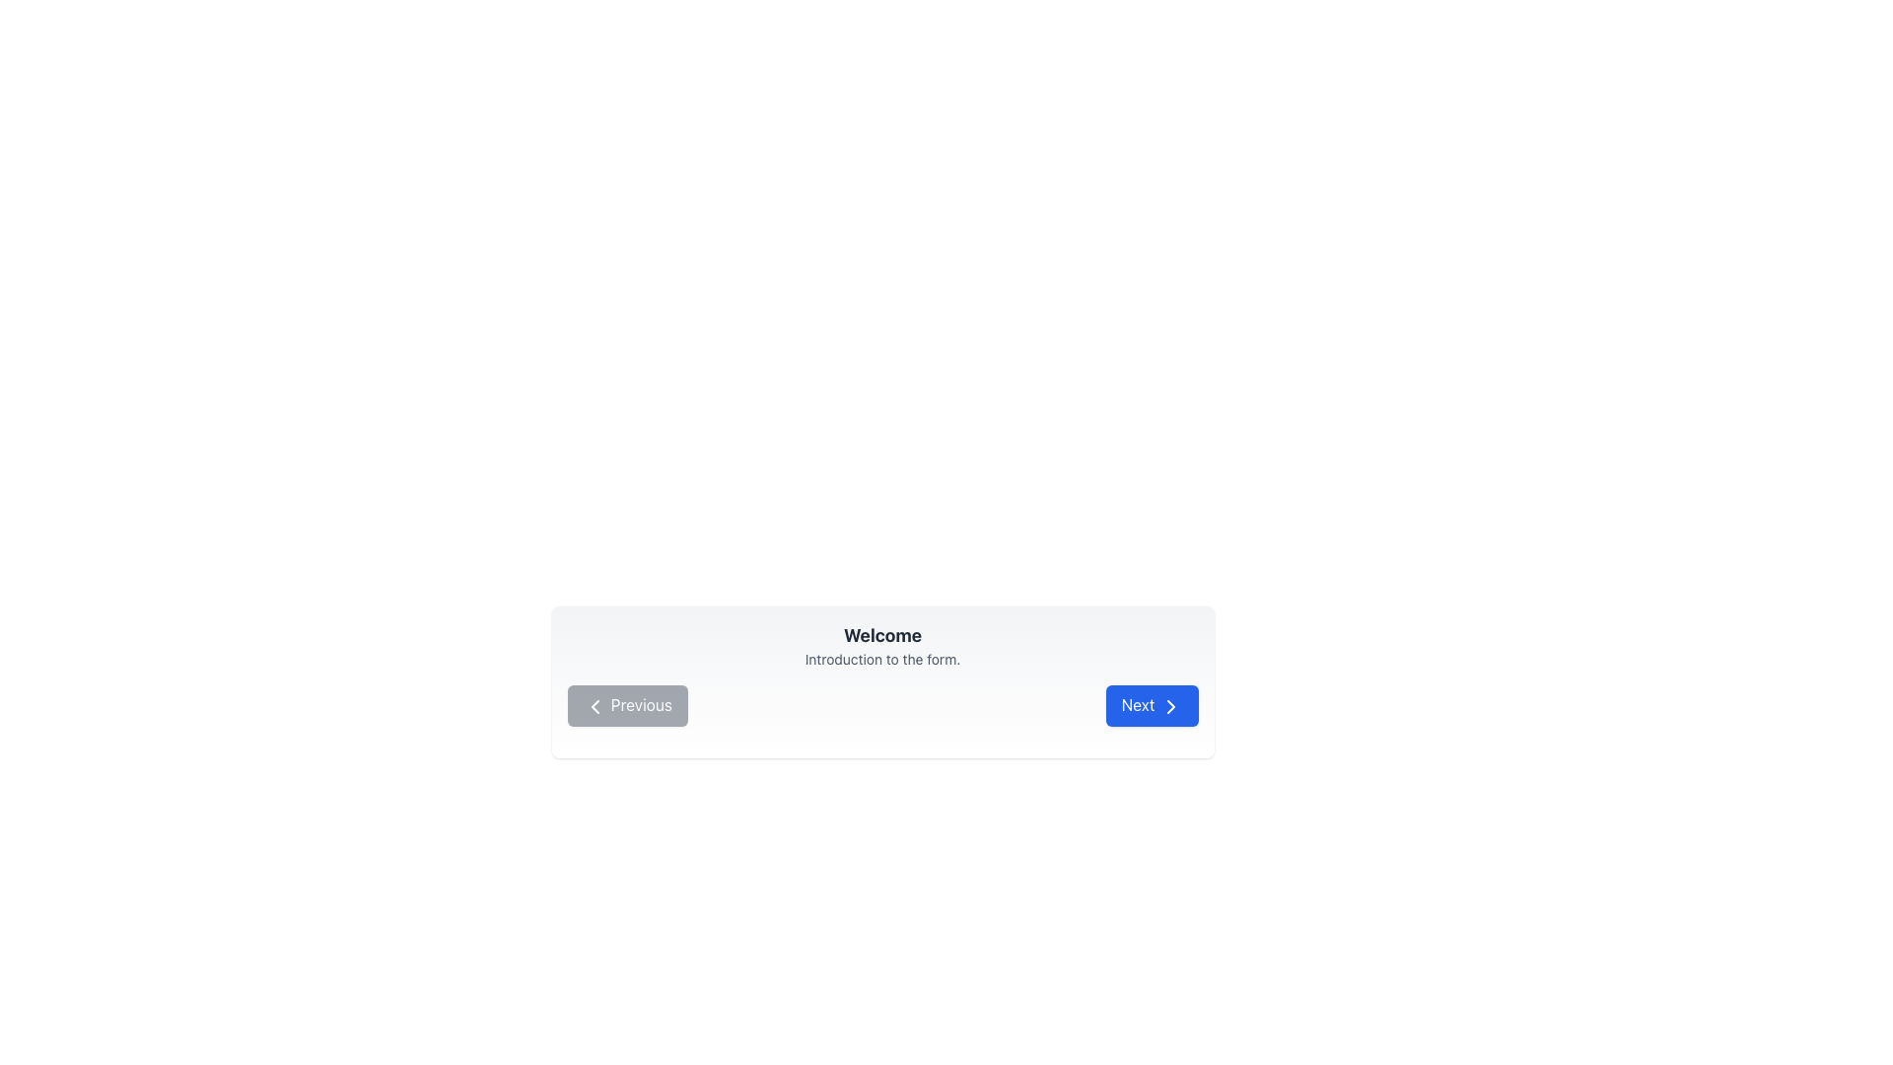  I want to click on the navigation icon on the 'Next' button to proceed to the next step in the sequence, so click(1170, 705).